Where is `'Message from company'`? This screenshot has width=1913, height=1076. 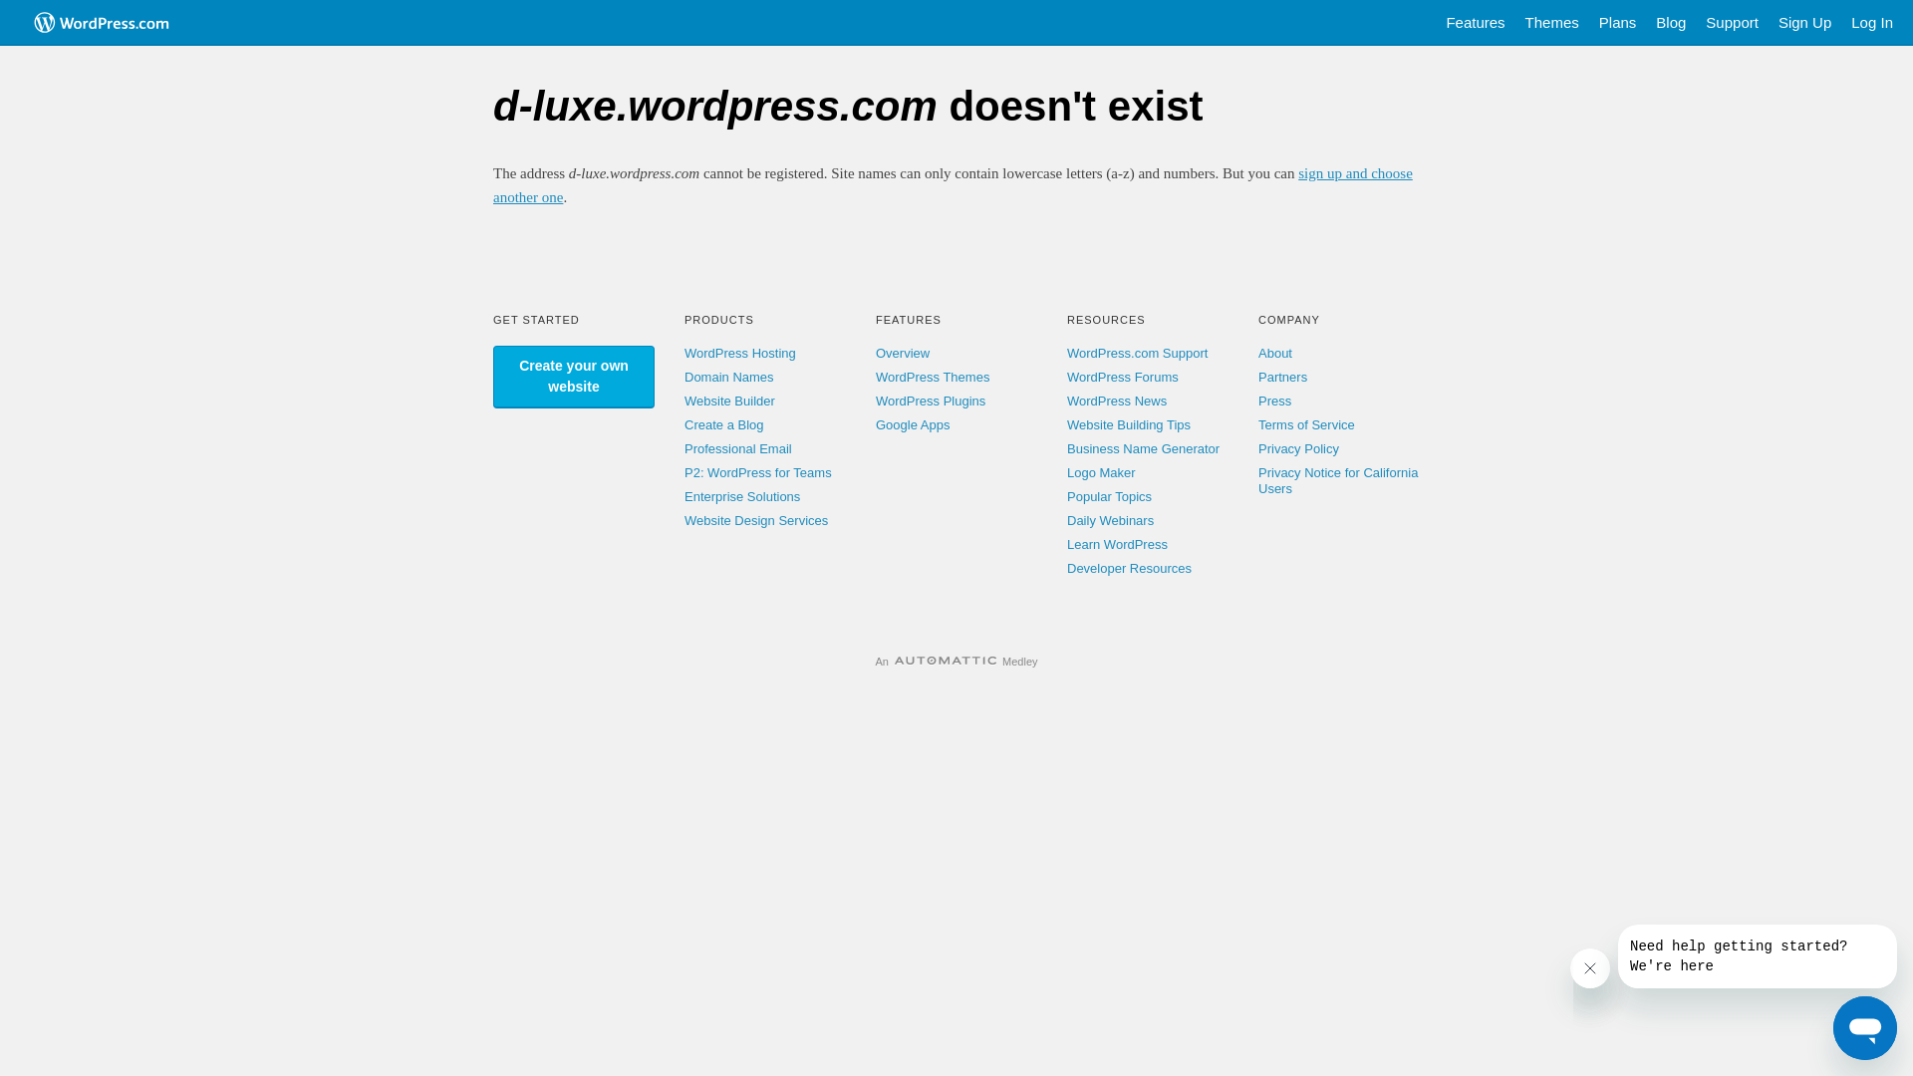
'Message from company' is located at coordinates (1757, 955).